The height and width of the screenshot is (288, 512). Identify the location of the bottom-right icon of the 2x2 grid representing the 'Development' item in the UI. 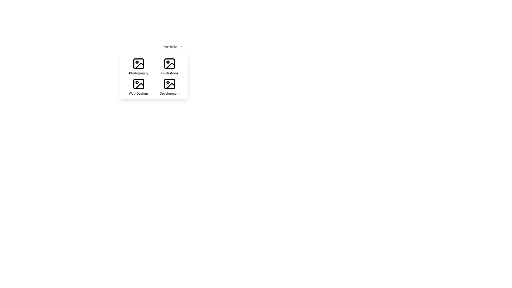
(169, 84).